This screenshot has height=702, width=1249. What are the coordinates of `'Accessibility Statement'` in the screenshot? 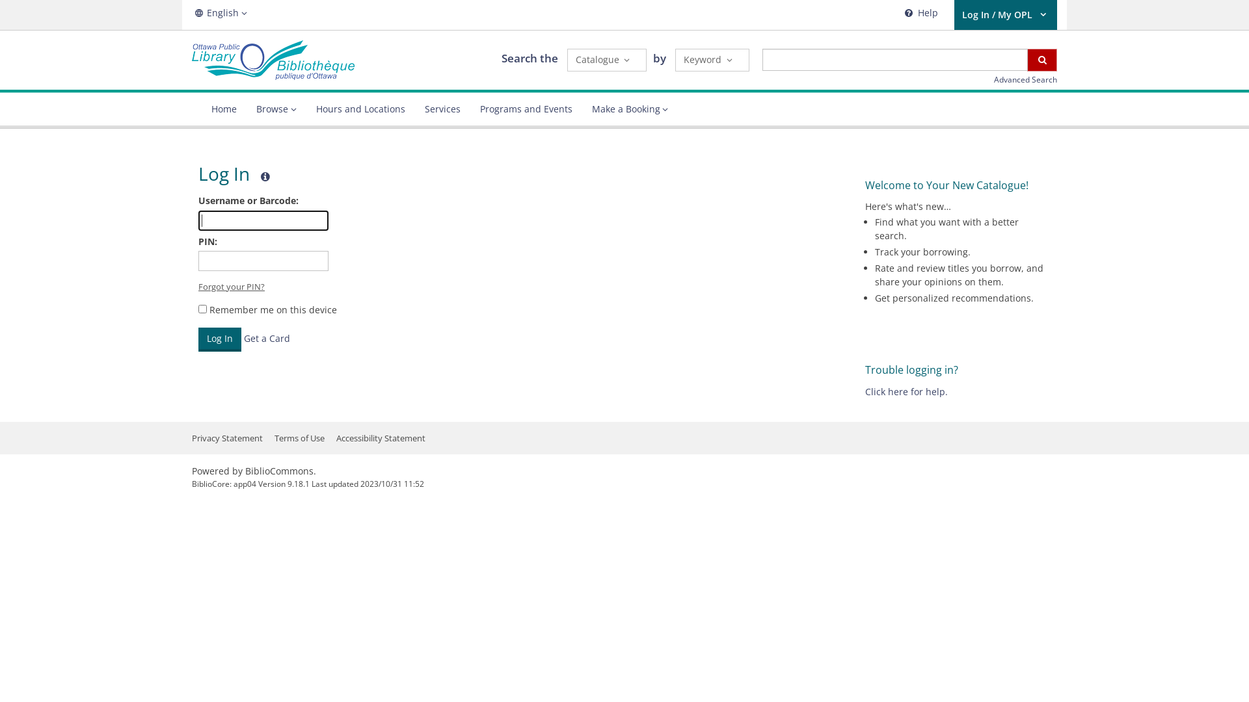 It's located at (380, 438).